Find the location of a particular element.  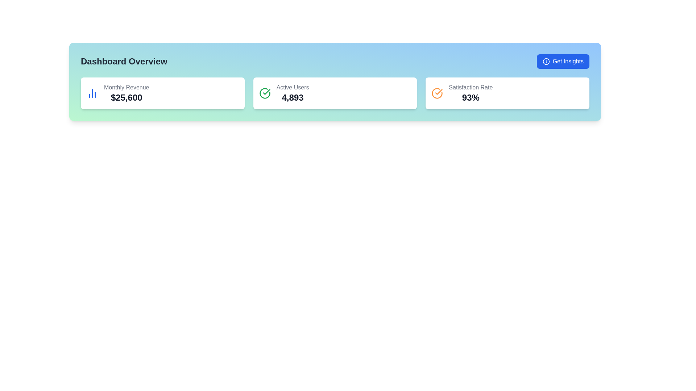

the icon located on the left side of the 'Get Insights' button, which serves as an indicator enhancing the button's purpose is located at coordinates (546, 61).